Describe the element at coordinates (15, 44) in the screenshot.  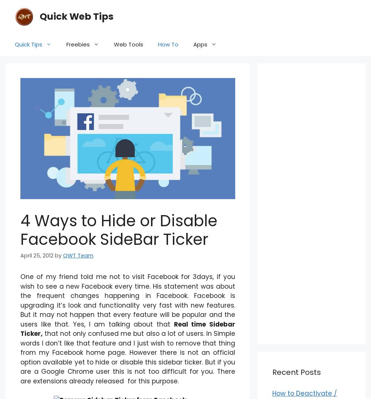
I see `'Quick Tips'` at that location.